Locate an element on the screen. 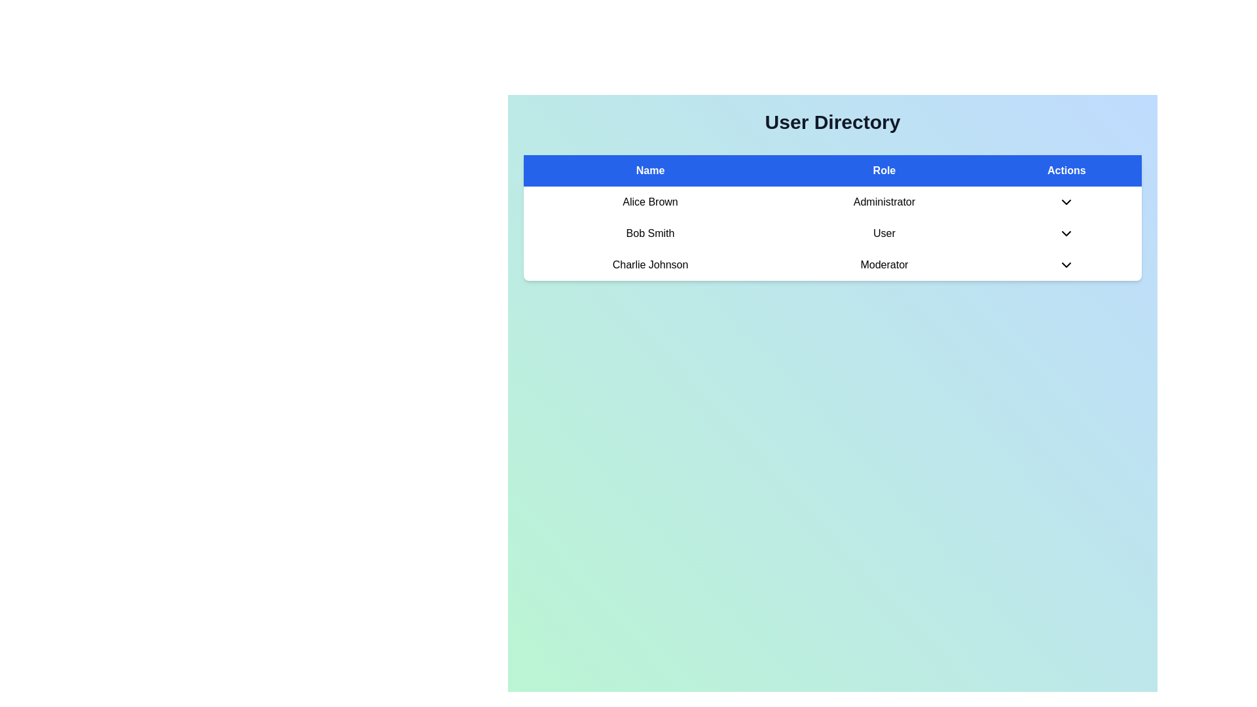 Image resolution: width=1257 pixels, height=707 pixels. the text label indicating the role 'Administrator' assigned to user 'Alice Brown' in the directory is located at coordinates (884, 202).